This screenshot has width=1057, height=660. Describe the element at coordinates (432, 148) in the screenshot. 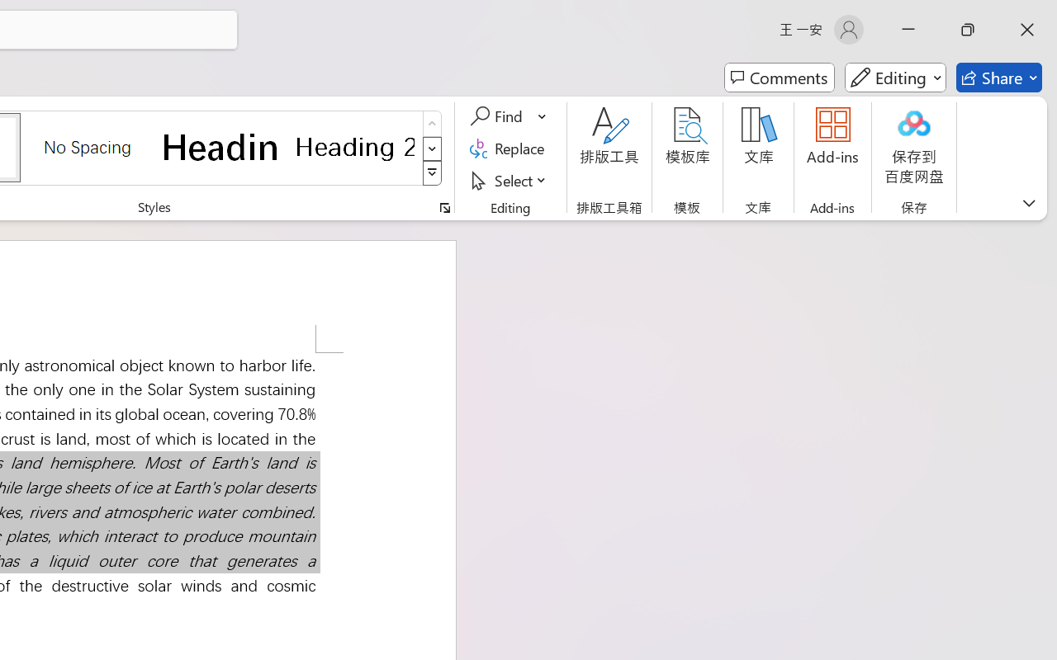

I see `'Row Down'` at that location.